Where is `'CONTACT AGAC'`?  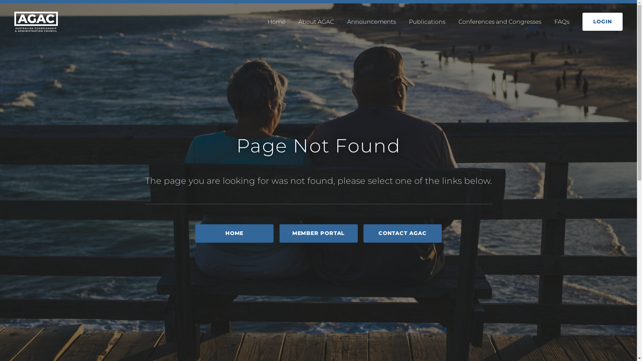 'CONTACT AGAC' is located at coordinates (402, 233).